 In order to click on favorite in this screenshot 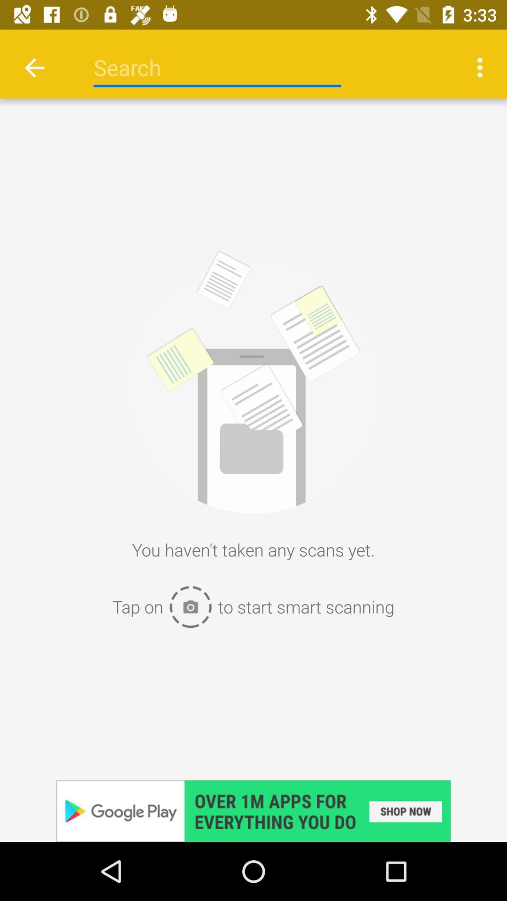, I will do `click(253, 810)`.